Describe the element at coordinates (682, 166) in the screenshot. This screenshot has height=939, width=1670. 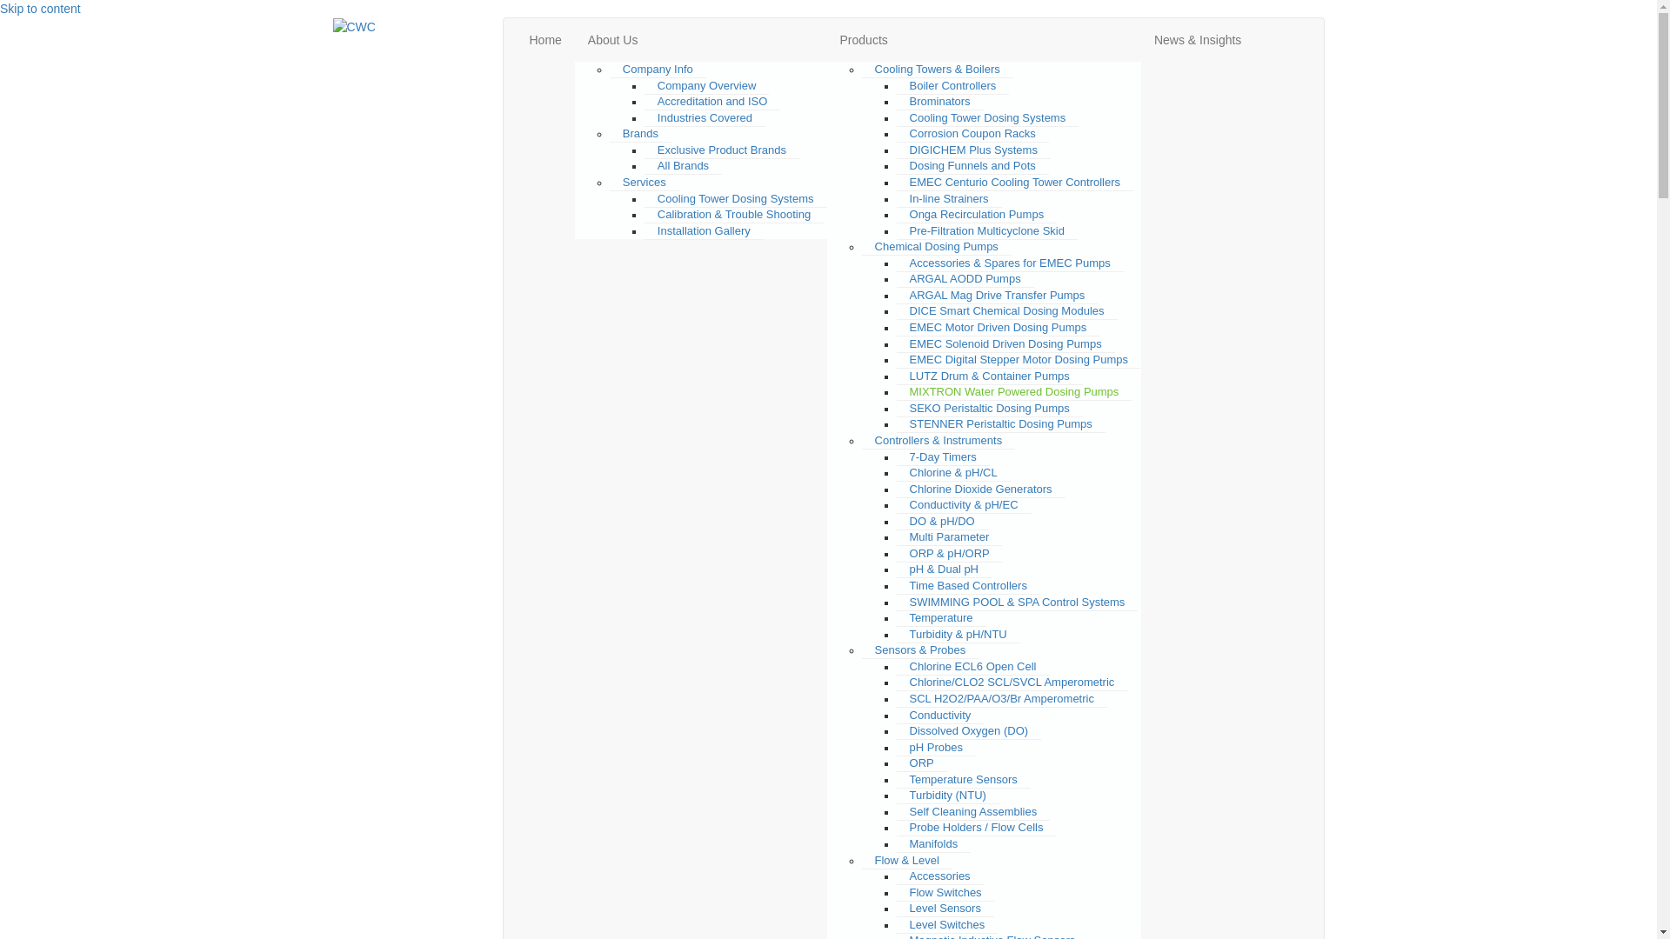
I see `'All Brands'` at that location.